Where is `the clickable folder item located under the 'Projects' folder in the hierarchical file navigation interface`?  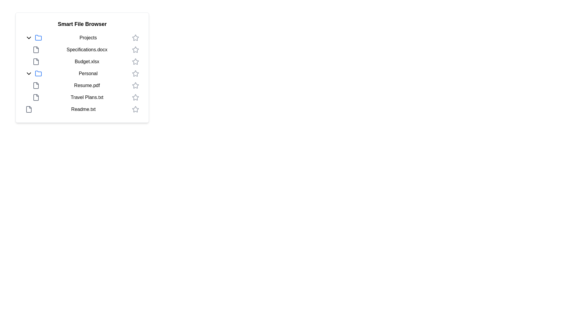
the clickable folder item located under the 'Projects' folder in the hierarchical file navigation interface is located at coordinates (82, 73).